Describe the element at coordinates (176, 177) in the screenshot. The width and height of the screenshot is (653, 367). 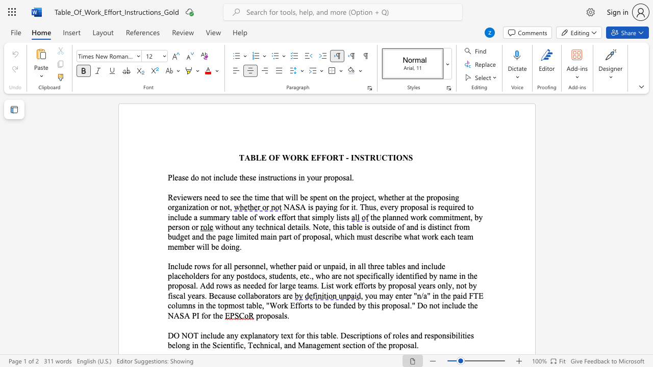
I see `the 1th character "e" in the text` at that location.